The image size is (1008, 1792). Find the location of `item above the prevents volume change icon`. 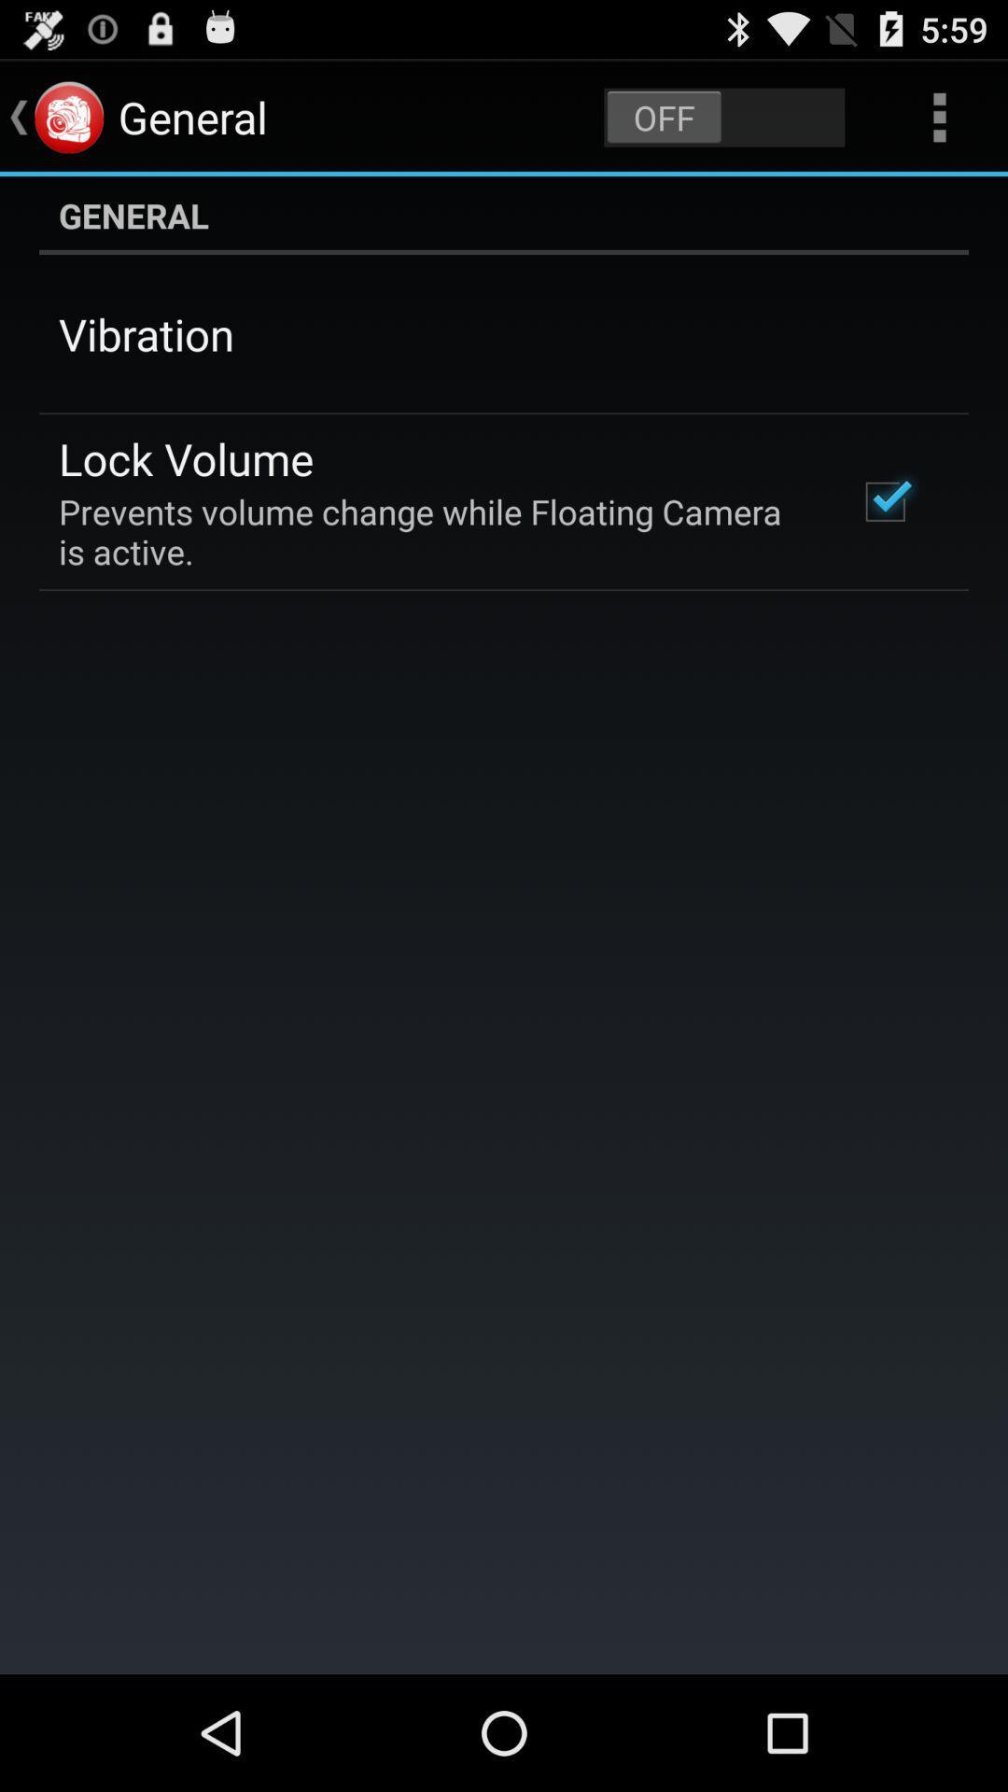

item above the prevents volume change icon is located at coordinates (186, 458).